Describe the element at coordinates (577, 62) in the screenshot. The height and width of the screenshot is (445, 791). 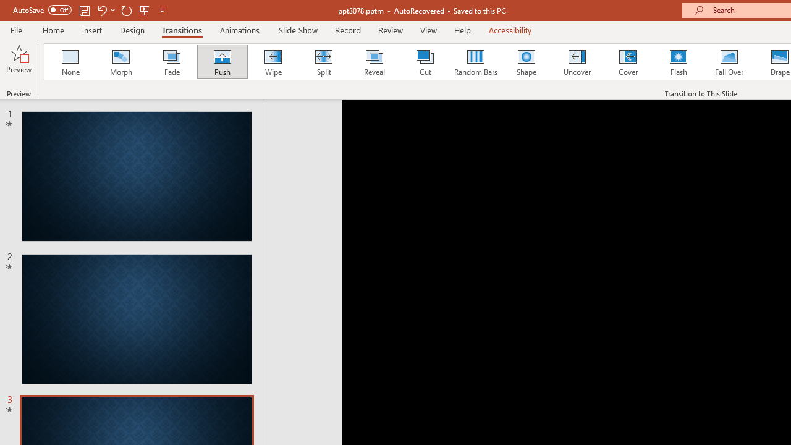
I see `'Uncover'` at that location.